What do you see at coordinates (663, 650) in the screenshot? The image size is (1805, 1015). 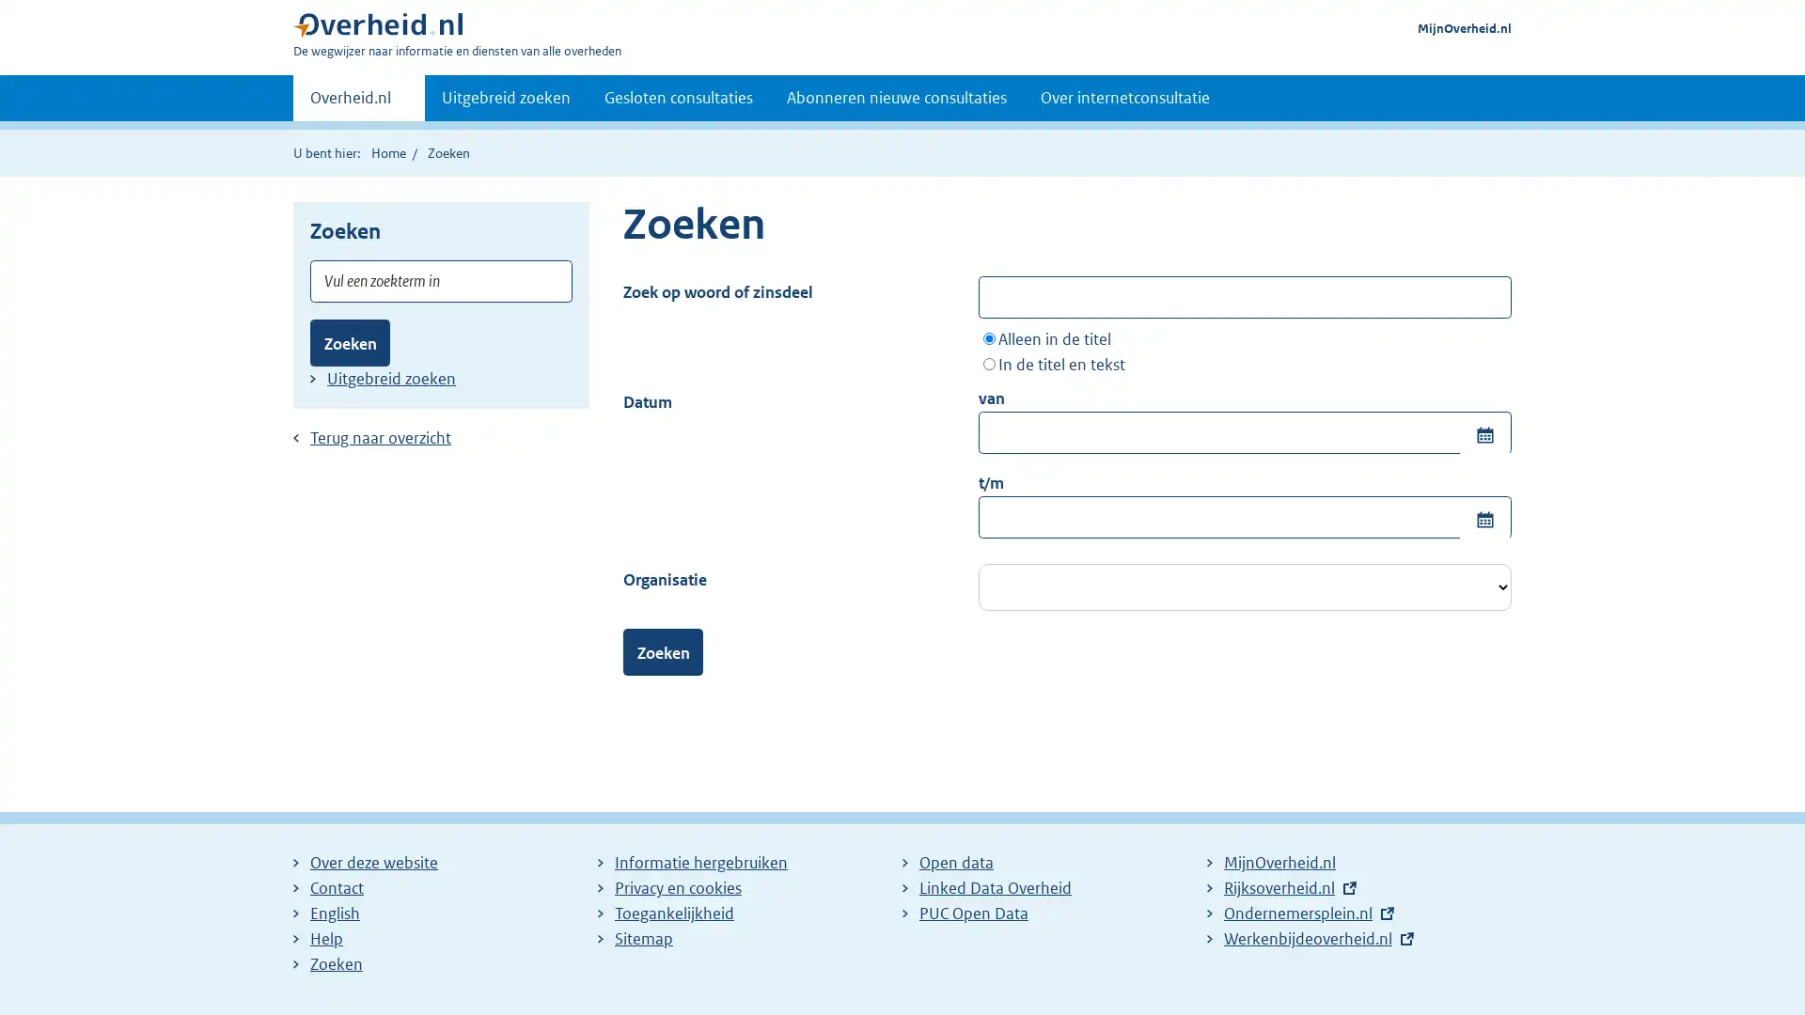 I see `Zoeken` at bounding box center [663, 650].